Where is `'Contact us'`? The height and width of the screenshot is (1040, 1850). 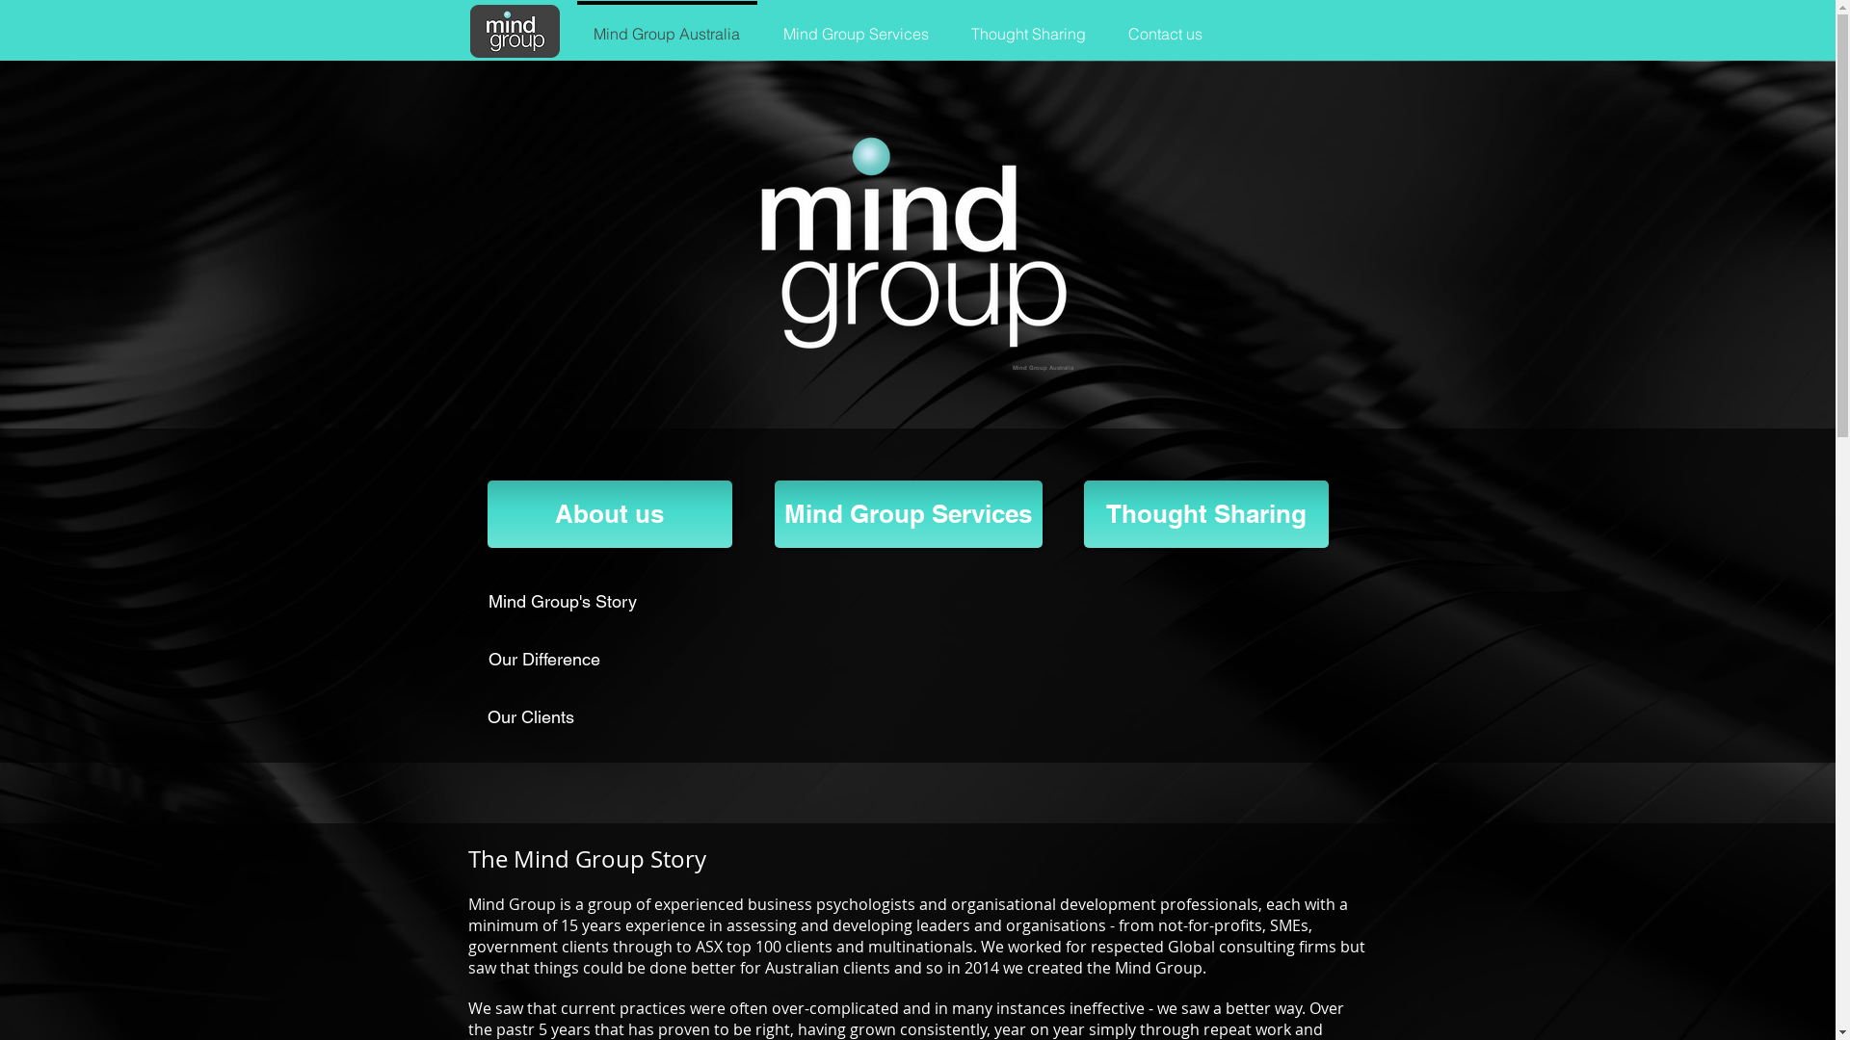
'Contact us' is located at coordinates (1163, 25).